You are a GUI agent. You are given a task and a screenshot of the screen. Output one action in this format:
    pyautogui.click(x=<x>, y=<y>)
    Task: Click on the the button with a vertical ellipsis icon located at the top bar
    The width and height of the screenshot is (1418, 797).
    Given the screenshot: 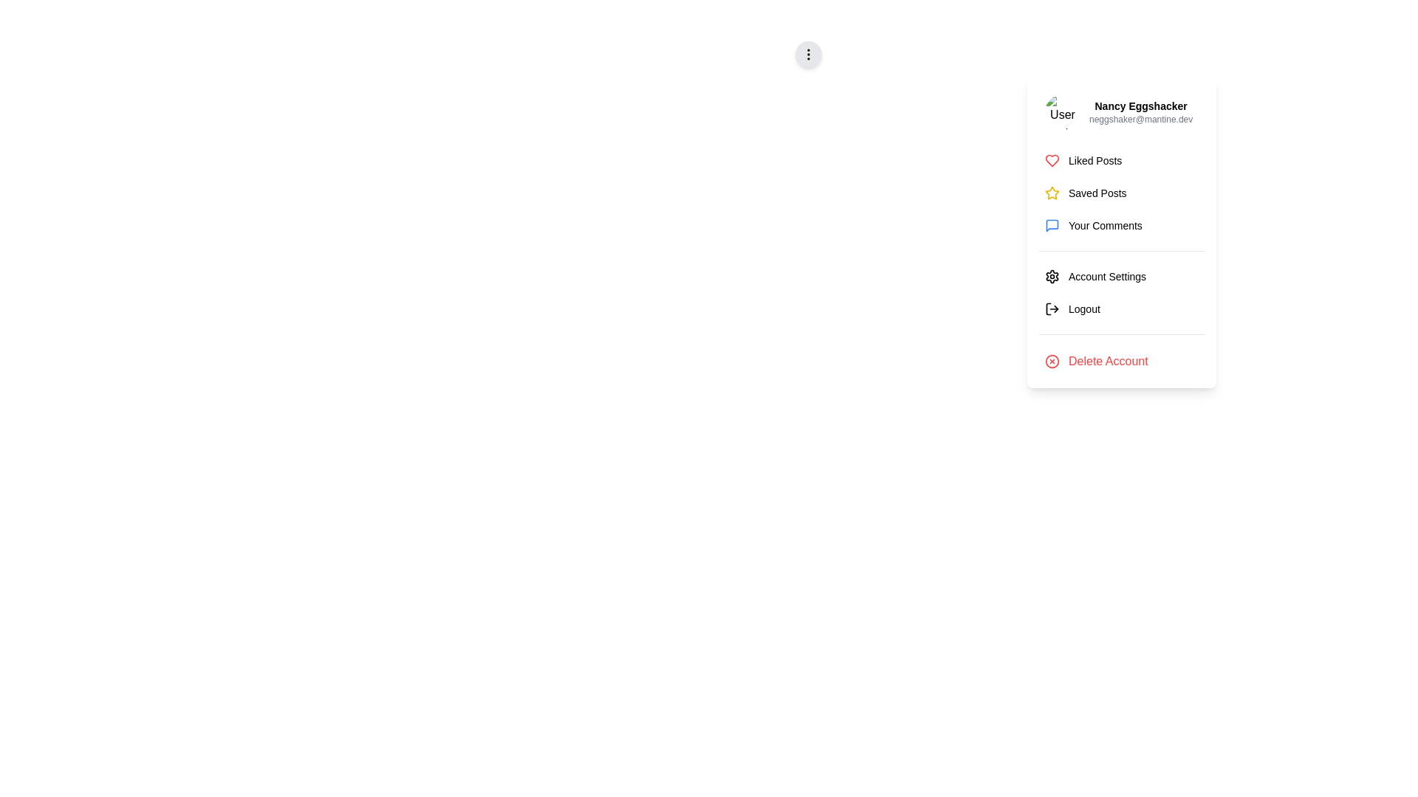 What is the action you would take?
    pyautogui.click(x=807, y=53)
    